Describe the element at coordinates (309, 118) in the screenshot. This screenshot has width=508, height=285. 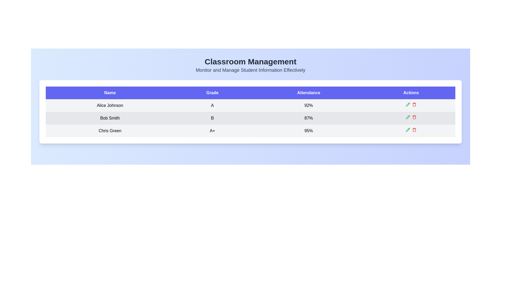
I see `the text label displaying '87%' located under the 'Attendance' column in the second row associated with 'Bob Smith'` at that location.